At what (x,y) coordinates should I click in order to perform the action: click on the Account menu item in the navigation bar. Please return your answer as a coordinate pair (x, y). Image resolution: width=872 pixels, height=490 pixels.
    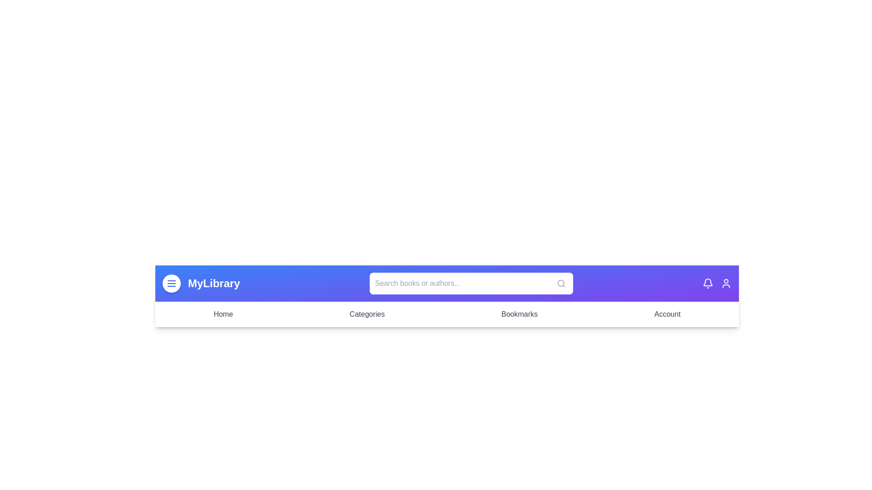
    Looking at the image, I should click on (667, 314).